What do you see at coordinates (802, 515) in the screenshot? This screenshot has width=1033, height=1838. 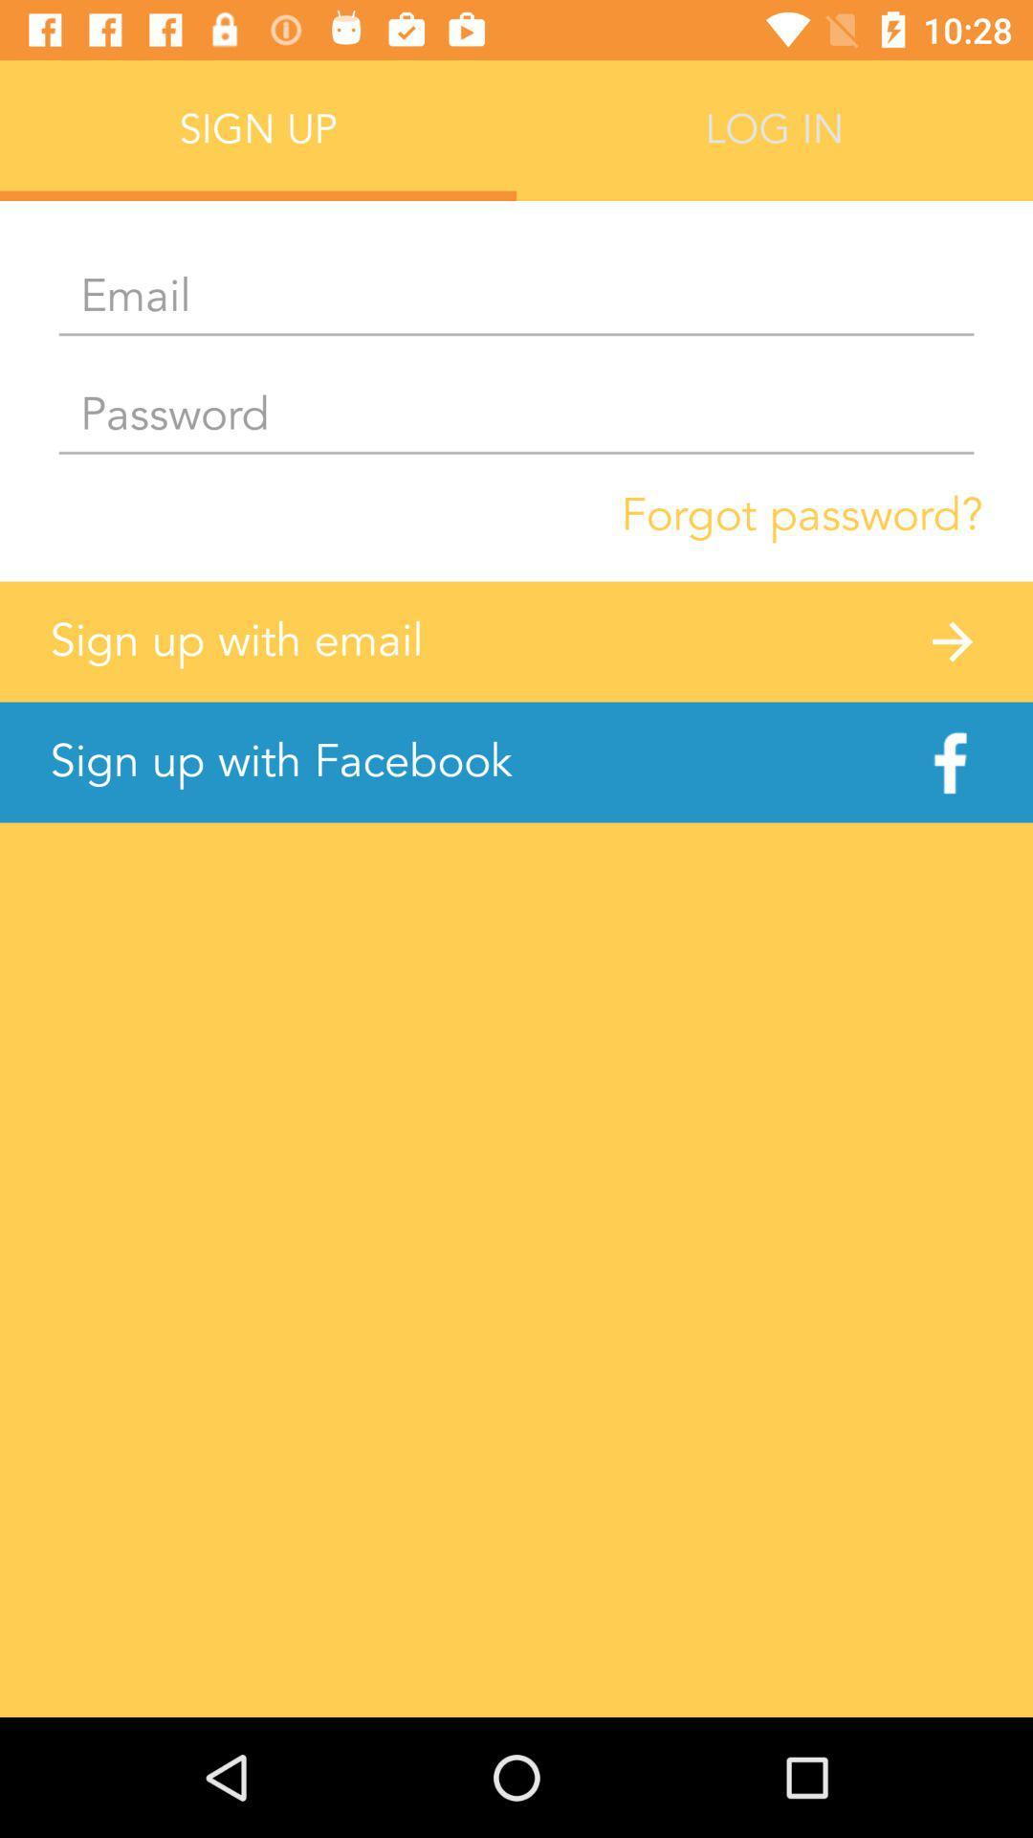 I see `item above the sign up with item` at bounding box center [802, 515].